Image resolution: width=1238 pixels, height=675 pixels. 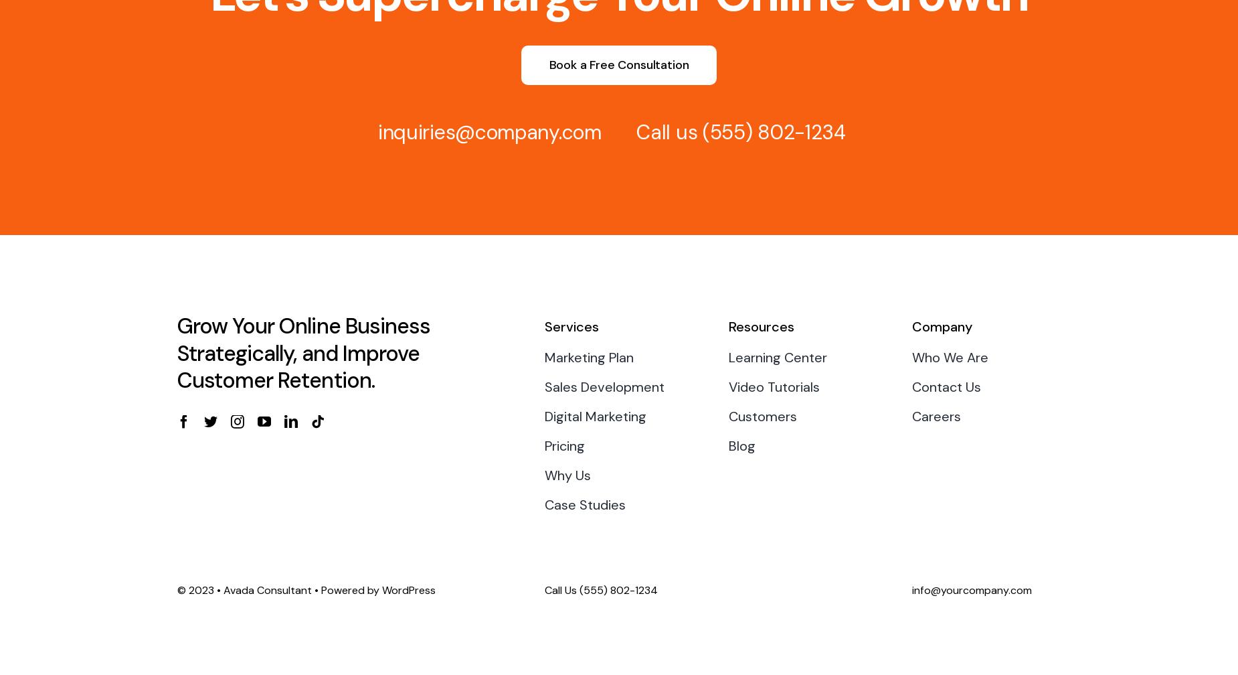 What do you see at coordinates (942, 326) in the screenshot?
I see `'Company'` at bounding box center [942, 326].